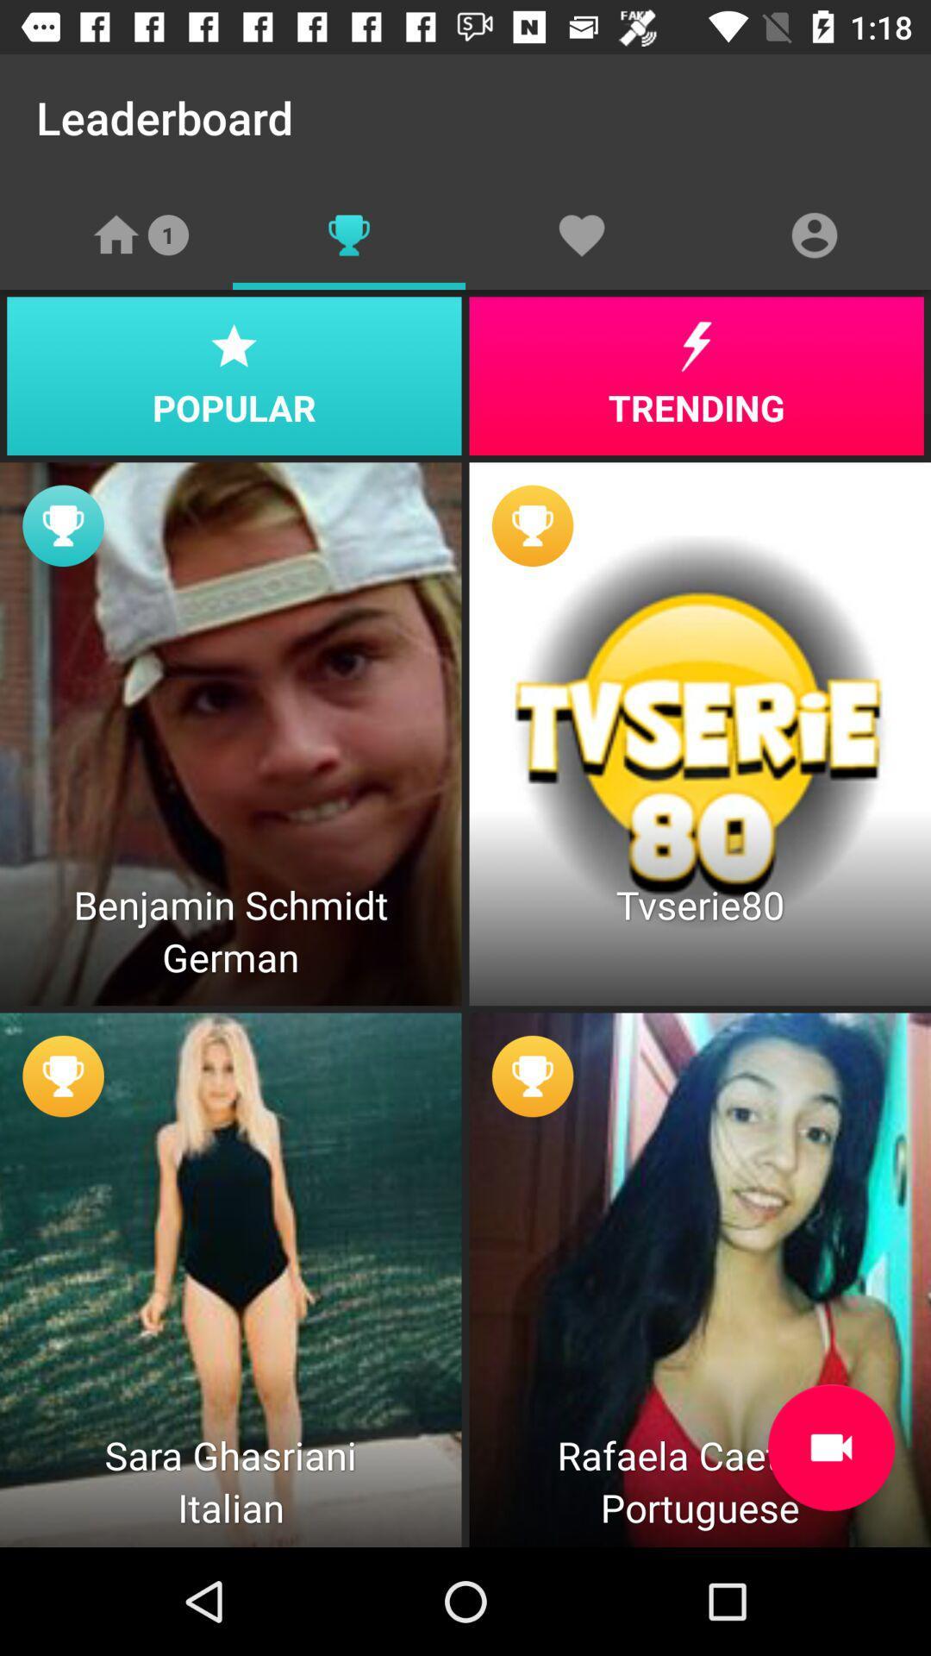 The width and height of the screenshot is (931, 1656). What do you see at coordinates (830, 1447) in the screenshot?
I see `open video camera` at bounding box center [830, 1447].